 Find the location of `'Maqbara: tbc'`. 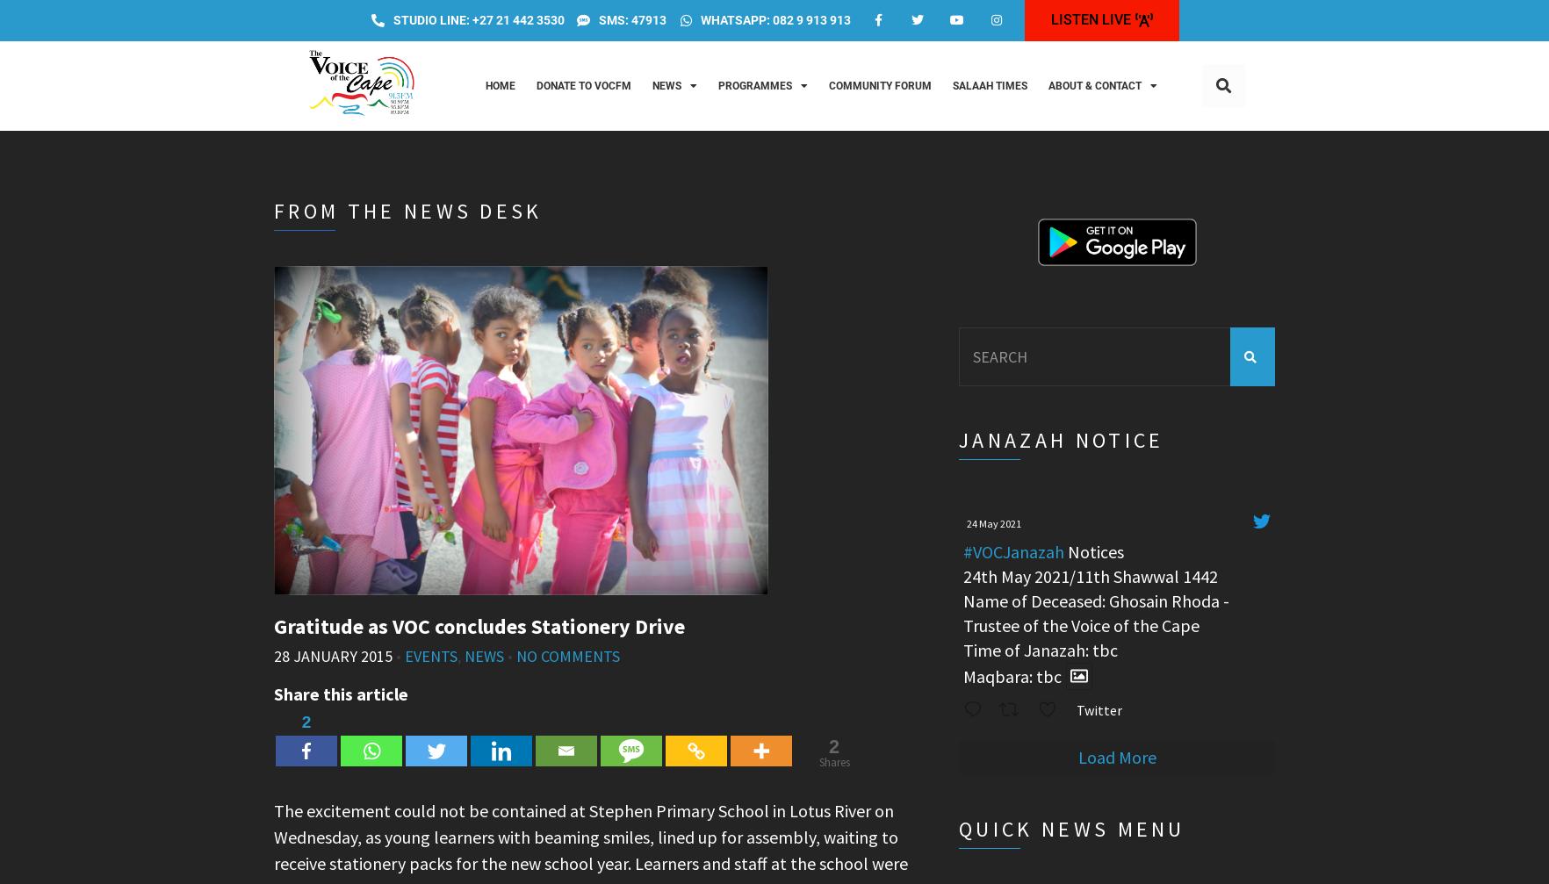

'Maqbara: tbc' is located at coordinates (1012, 674).